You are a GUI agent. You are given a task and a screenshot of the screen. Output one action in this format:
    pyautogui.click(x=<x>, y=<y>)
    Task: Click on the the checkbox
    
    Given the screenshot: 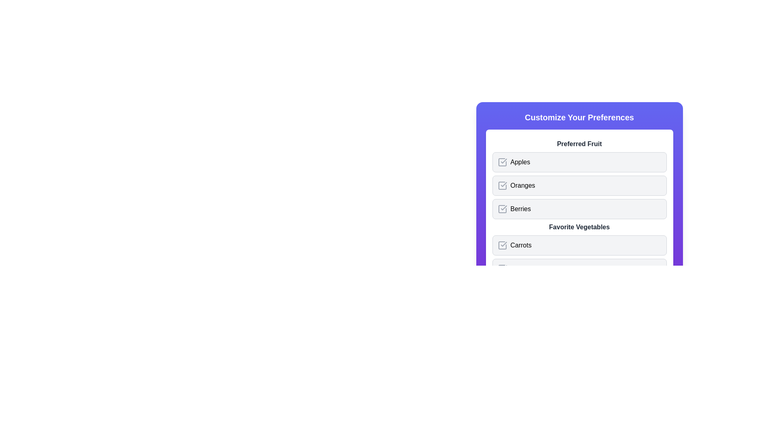 What is the action you would take?
    pyautogui.click(x=502, y=185)
    